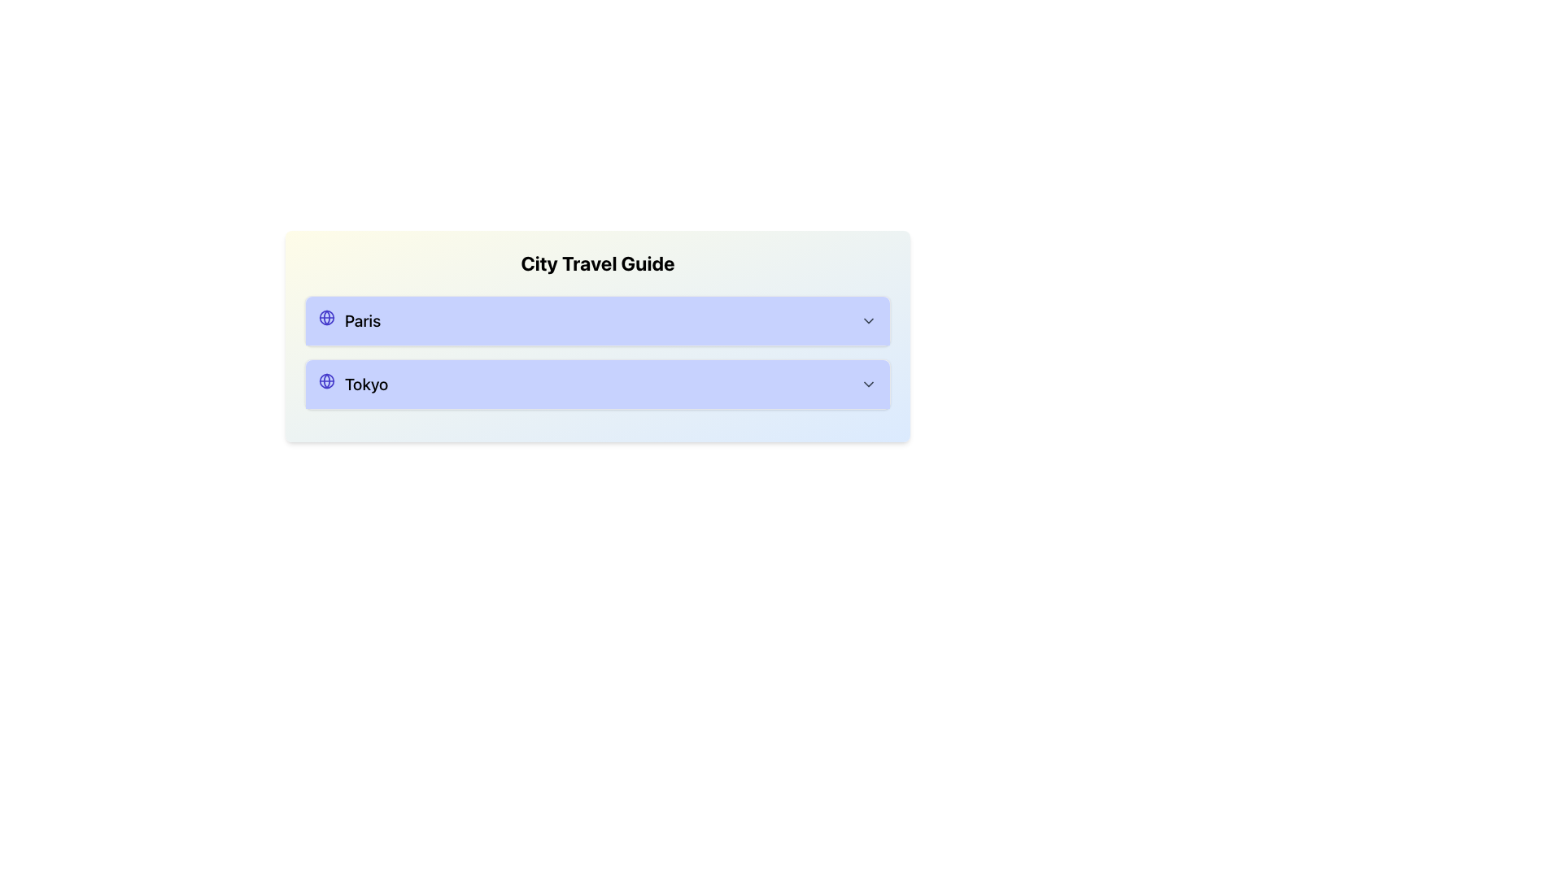 Image resolution: width=1562 pixels, height=878 pixels. What do you see at coordinates (326, 381) in the screenshot?
I see `the small circular indigo globe icon located to the left of the text 'Tokyo' in the second row under the header 'City Travel Guide'` at bounding box center [326, 381].